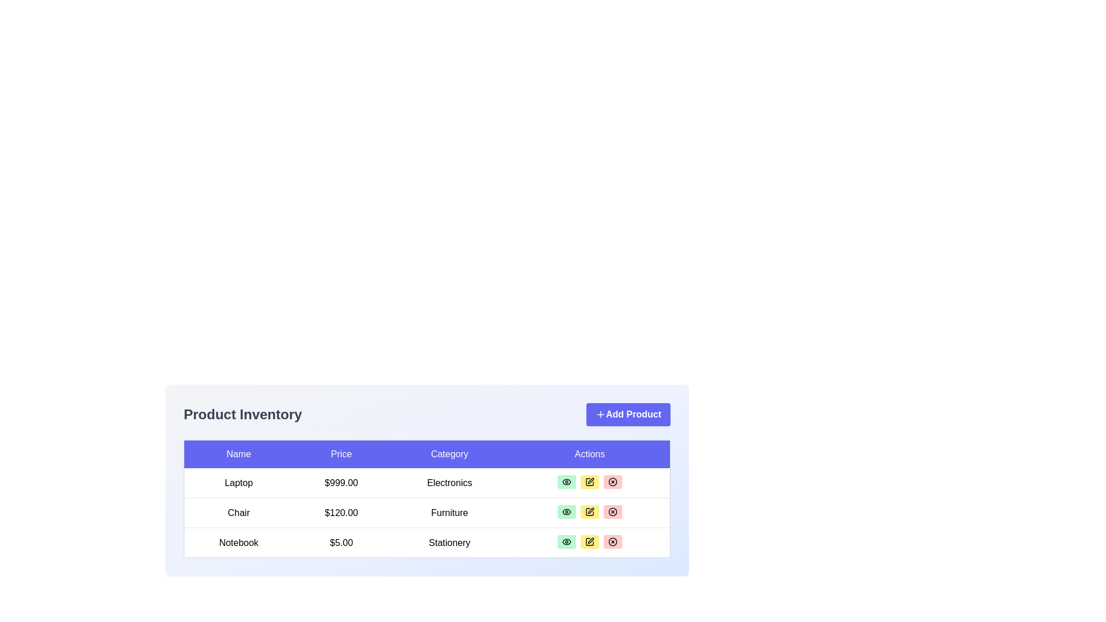 This screenshot has width=1106, height=622. Describe the element at coordinates (566, 482) in the screenshot. I see `the eye icon button in the 'Actions' column corresponding to the 'Laptop' product` at that location.